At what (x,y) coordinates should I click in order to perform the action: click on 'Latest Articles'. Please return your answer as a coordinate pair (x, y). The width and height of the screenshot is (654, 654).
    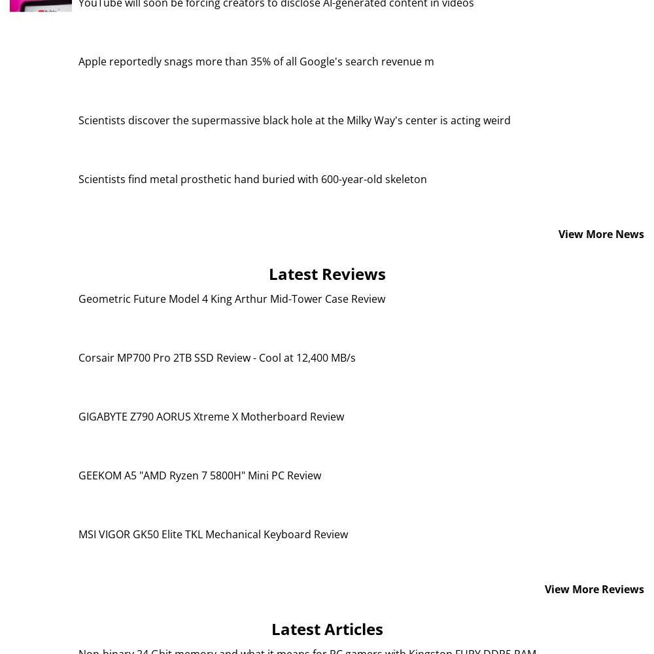
    Looking at the image, I should click on (326, 627).